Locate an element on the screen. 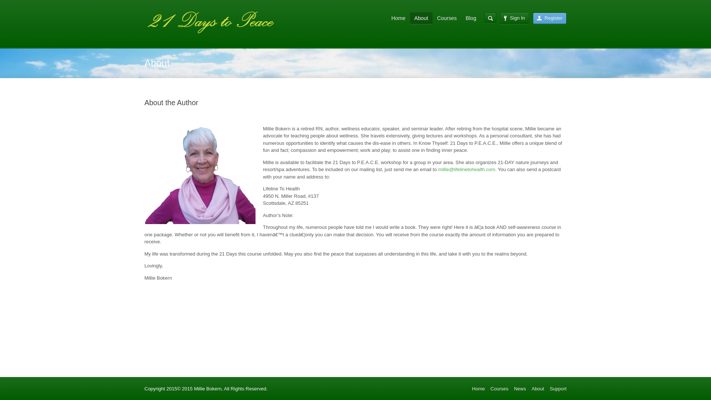 This screenshot has height=400, width=711. 'Home' is located at coordinates (398, 18).